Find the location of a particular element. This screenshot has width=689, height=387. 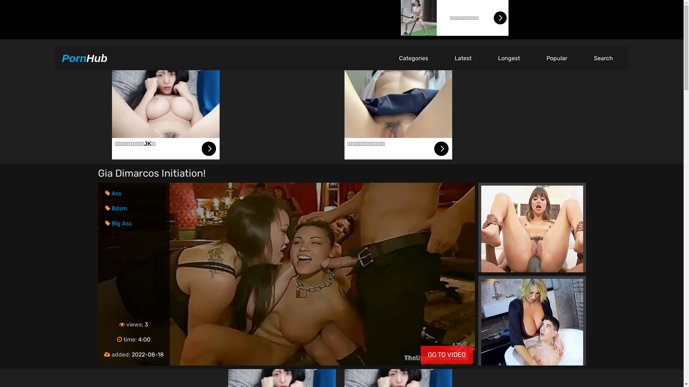

'Big Ass' is located at coordinates (118, 223).